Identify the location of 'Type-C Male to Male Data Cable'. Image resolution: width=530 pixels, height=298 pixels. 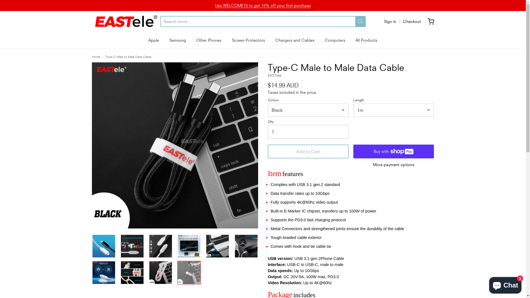
(91, 246).